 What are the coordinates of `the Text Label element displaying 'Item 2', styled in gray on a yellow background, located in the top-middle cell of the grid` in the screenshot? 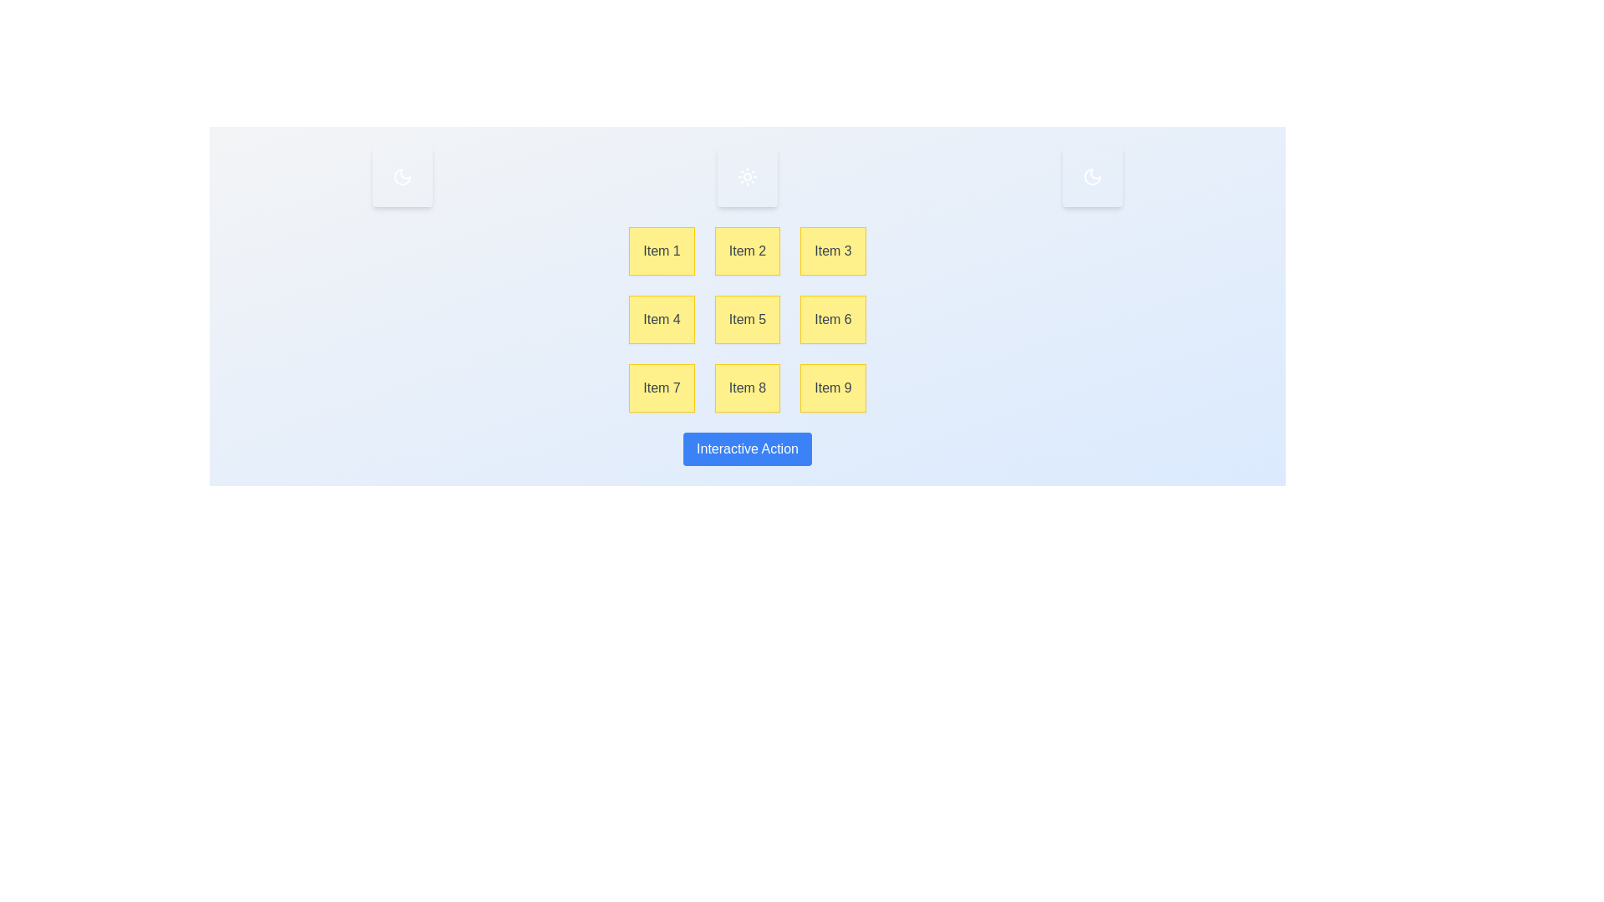 It's located at (746, 251).